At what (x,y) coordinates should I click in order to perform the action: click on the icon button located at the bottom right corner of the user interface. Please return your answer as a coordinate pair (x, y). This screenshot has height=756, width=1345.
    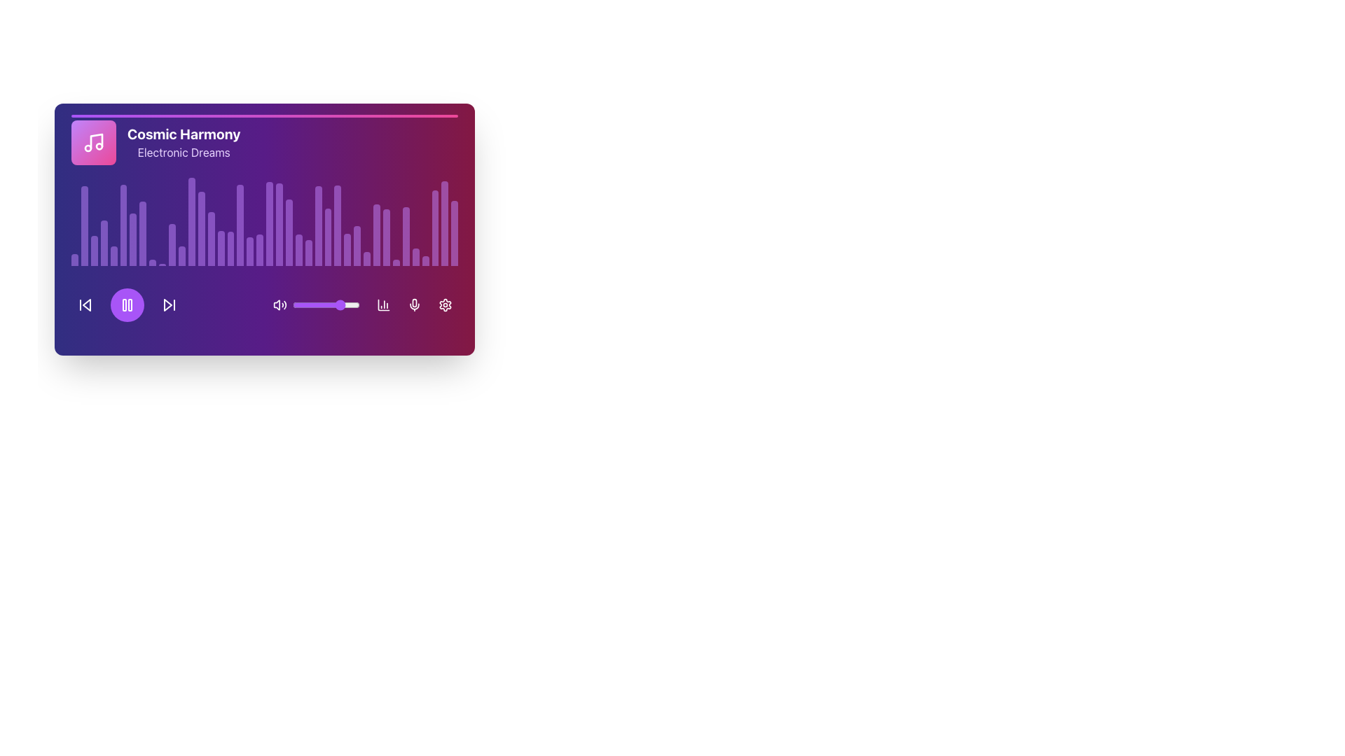
    Looking at the image, I should click on (444, 304).